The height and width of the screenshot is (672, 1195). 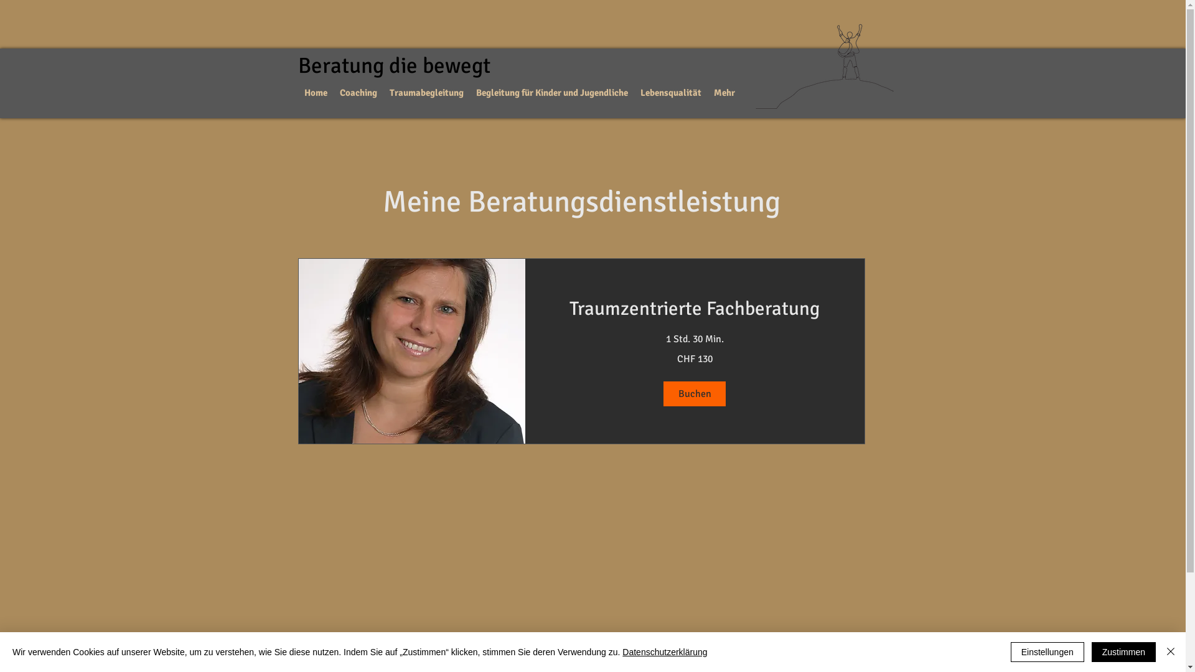 I want to click on 'Traumabegleitung', so click(x=426, y=92).